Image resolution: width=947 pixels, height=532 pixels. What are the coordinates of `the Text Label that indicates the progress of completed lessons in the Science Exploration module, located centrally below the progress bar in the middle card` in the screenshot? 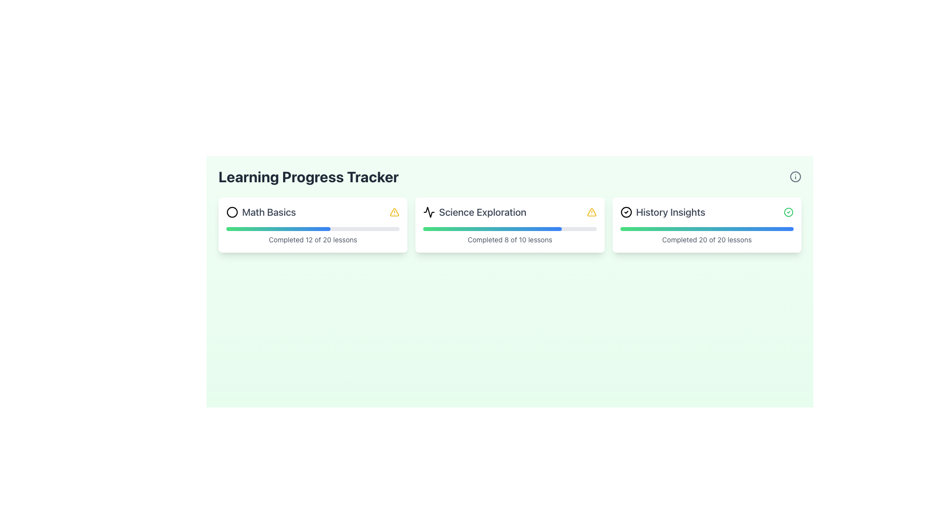 It's located at (510, 239).